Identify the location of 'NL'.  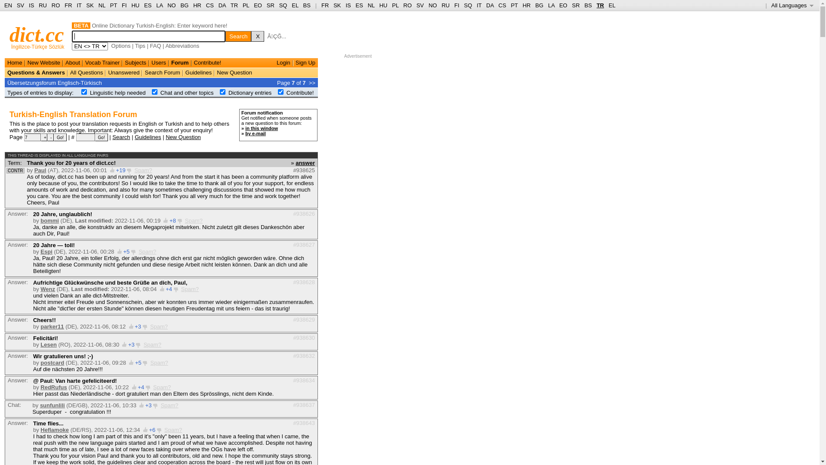
(102, 5).